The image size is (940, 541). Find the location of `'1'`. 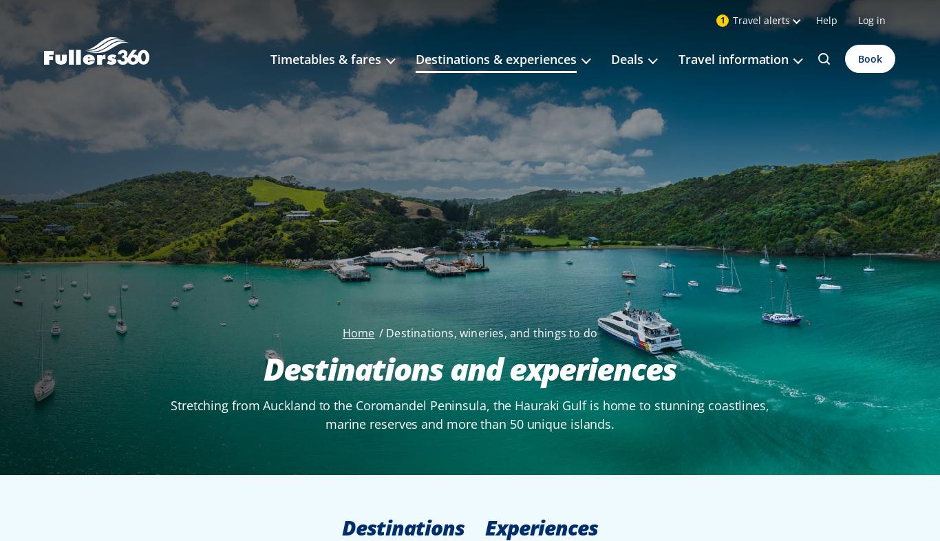

'1' is located at coordinates (721, 19).